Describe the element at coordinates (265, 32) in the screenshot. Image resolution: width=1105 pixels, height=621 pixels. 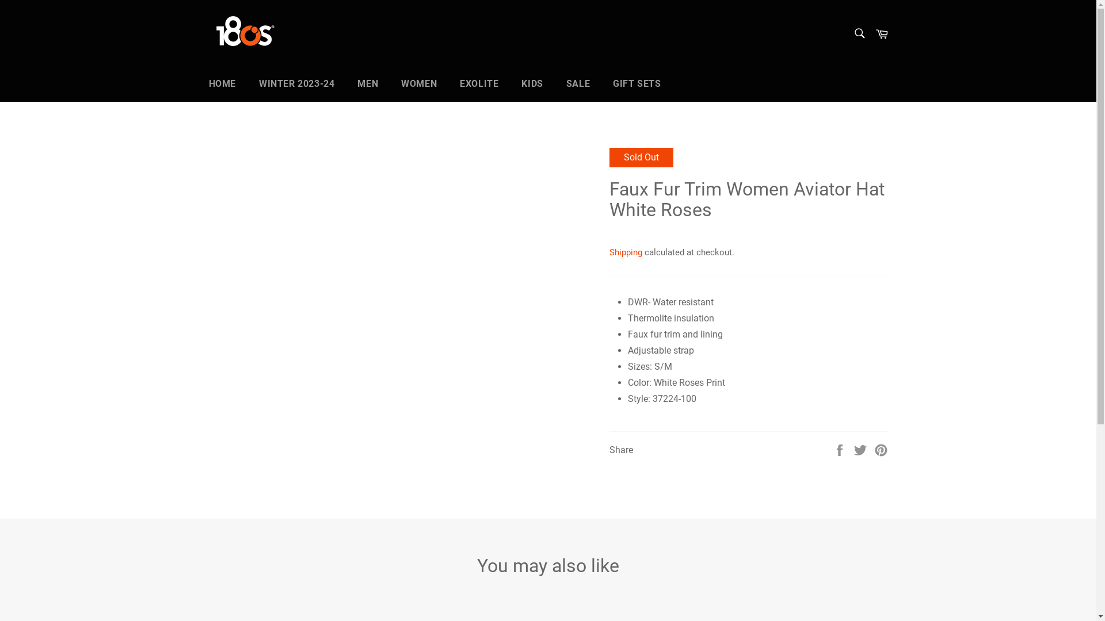
I see `'180s USA LLC'` at that location.